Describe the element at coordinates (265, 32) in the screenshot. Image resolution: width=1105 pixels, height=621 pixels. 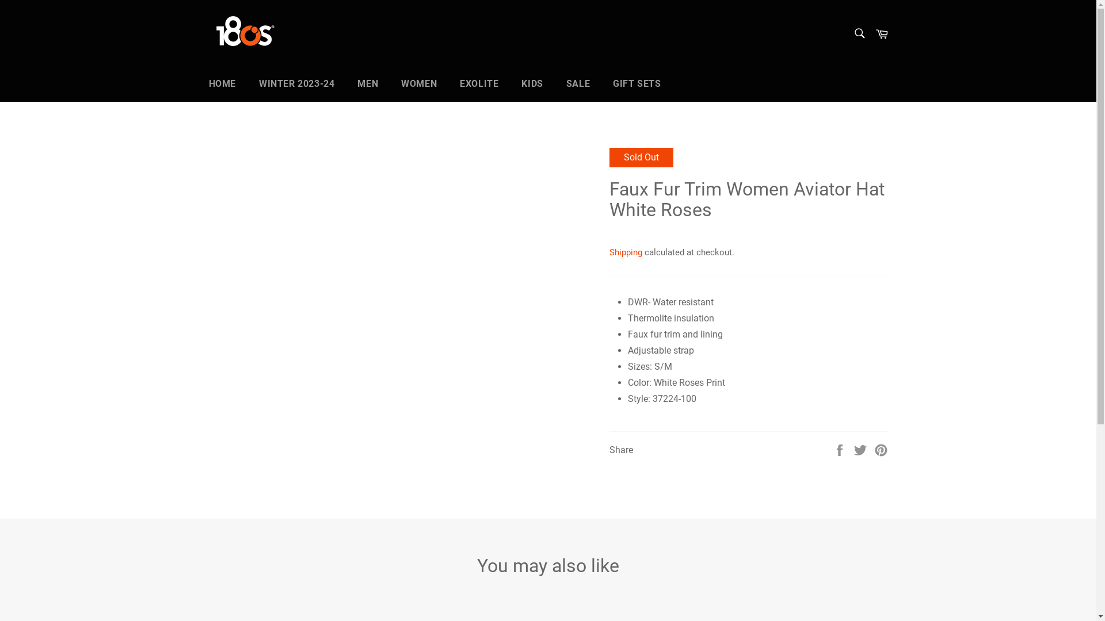
I see `'180s USA LLC'` at that location.